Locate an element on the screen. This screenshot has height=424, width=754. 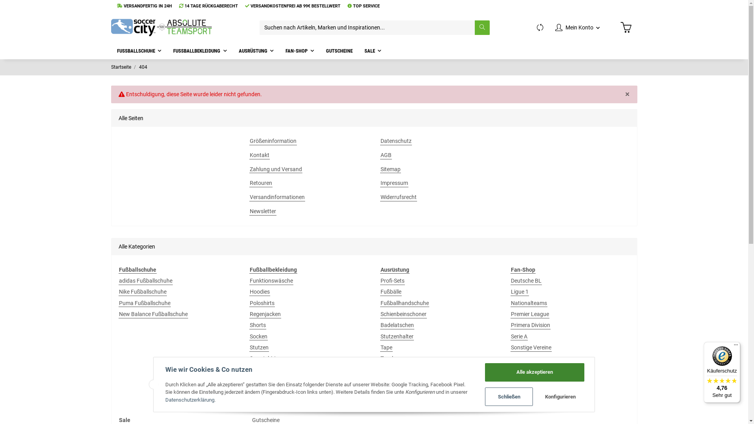
'Deutsche BL' is located at coordinates (526, 280).